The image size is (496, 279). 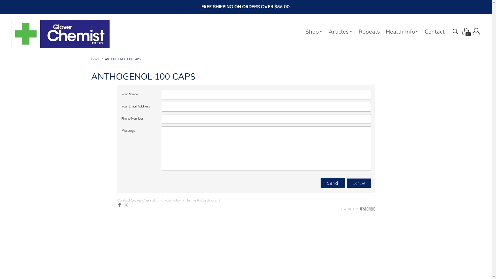 I want to click on 'Contact', so click(x=437, y=32).